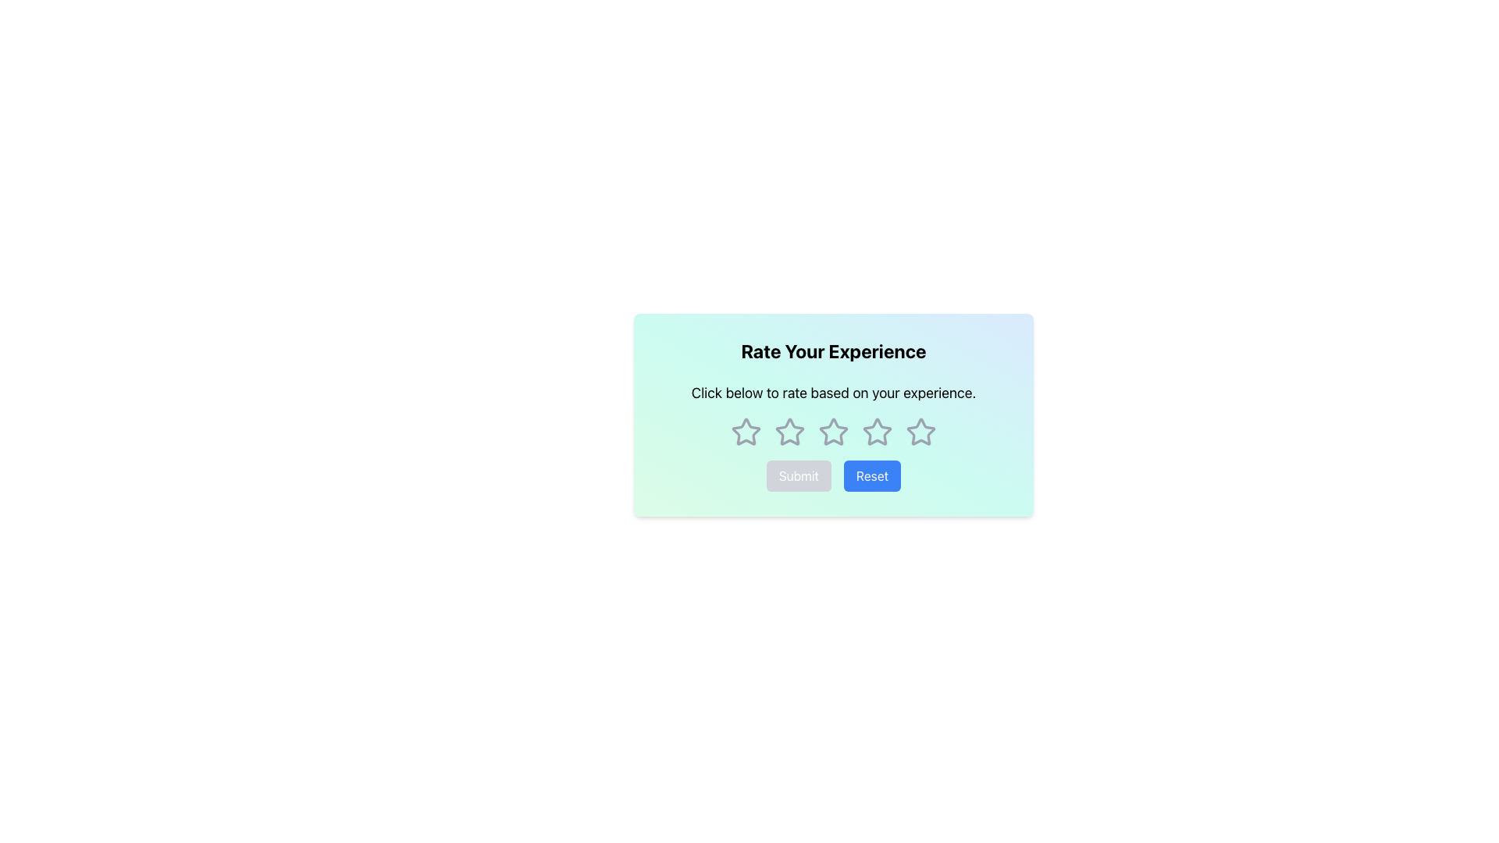 This screenshot has width=1499, height=843. Describe the element at coordinates (790, 432) in the screenshot. I see `the second star icon in the user rating system` at that location.